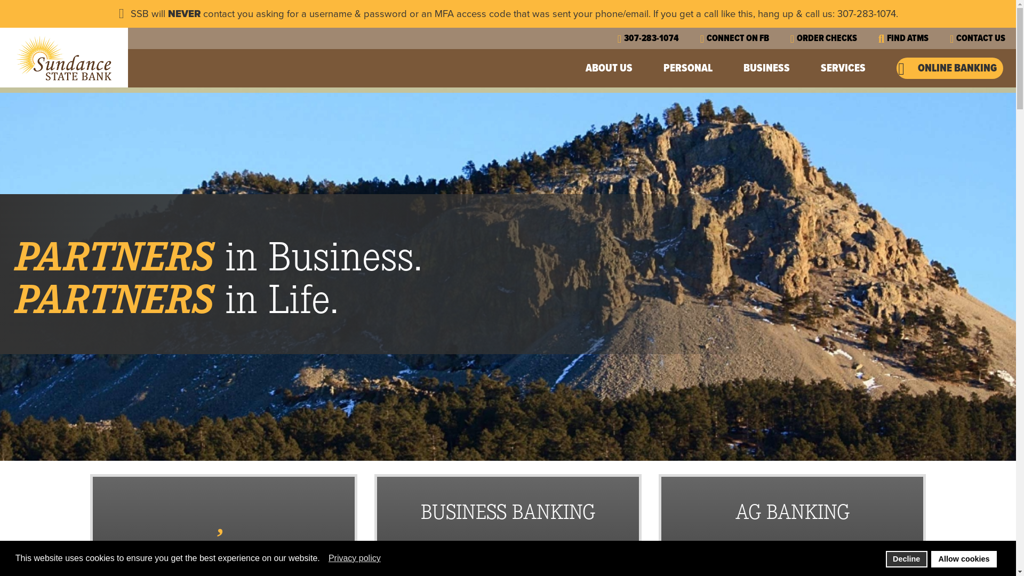 This screenshot has height=576, width=1024. Describe the element at coordinates (790, 37) in the screenshot. I see `'ORDER CHECKS'` at that location.